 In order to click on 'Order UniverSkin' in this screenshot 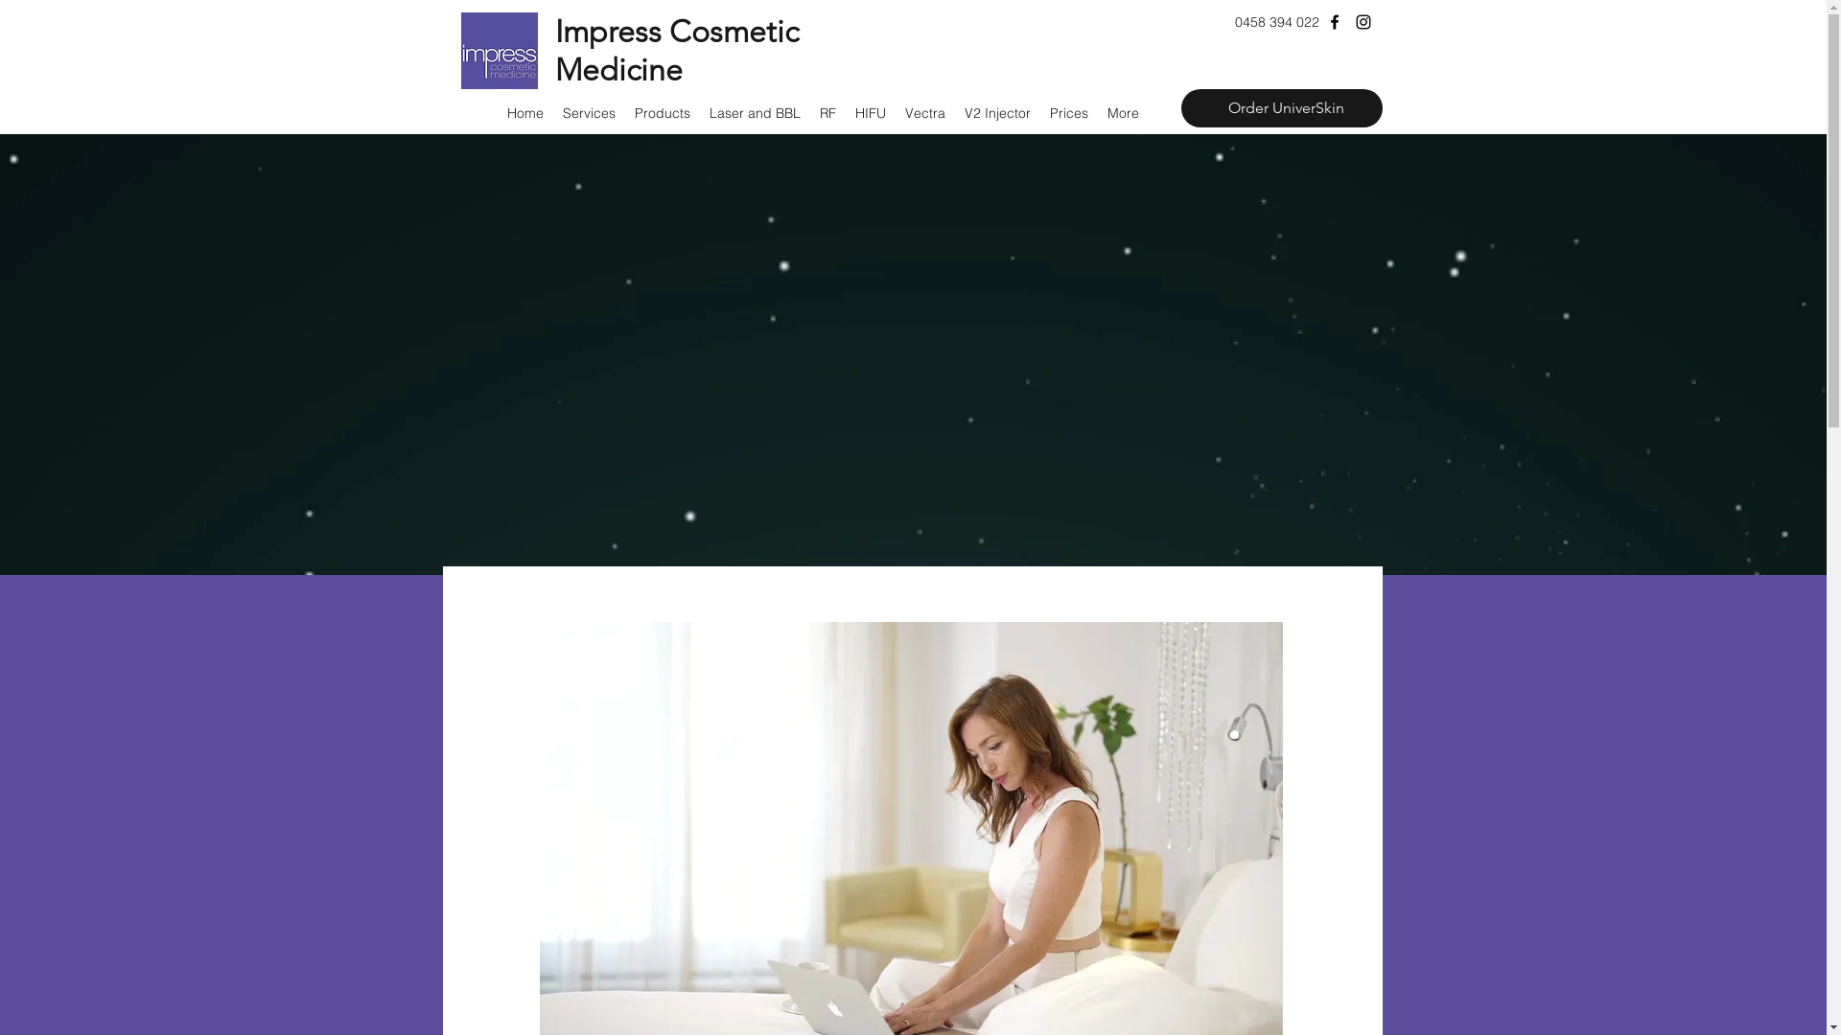, I will do `click(1287, 107)`.